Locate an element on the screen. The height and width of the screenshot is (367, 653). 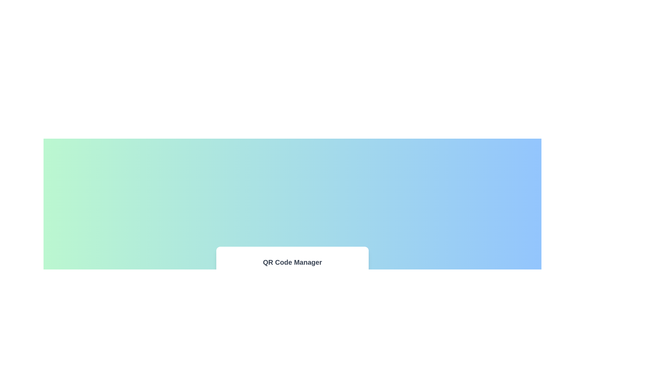
the static text label reading 'QR Code Manager', which is styled with a larger font size and bold weight, located at the top center of a white rectangular card is located at coordinates (292, 262).